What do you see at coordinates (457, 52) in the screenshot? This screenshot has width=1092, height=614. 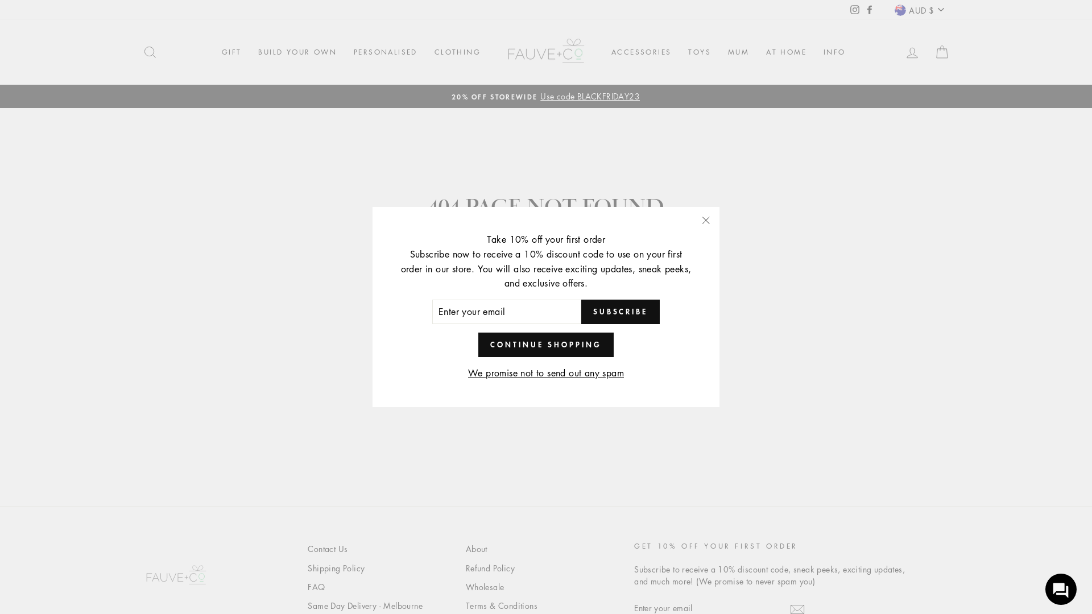 I see `'CLOTHING'` at bounding box center [457, 52].